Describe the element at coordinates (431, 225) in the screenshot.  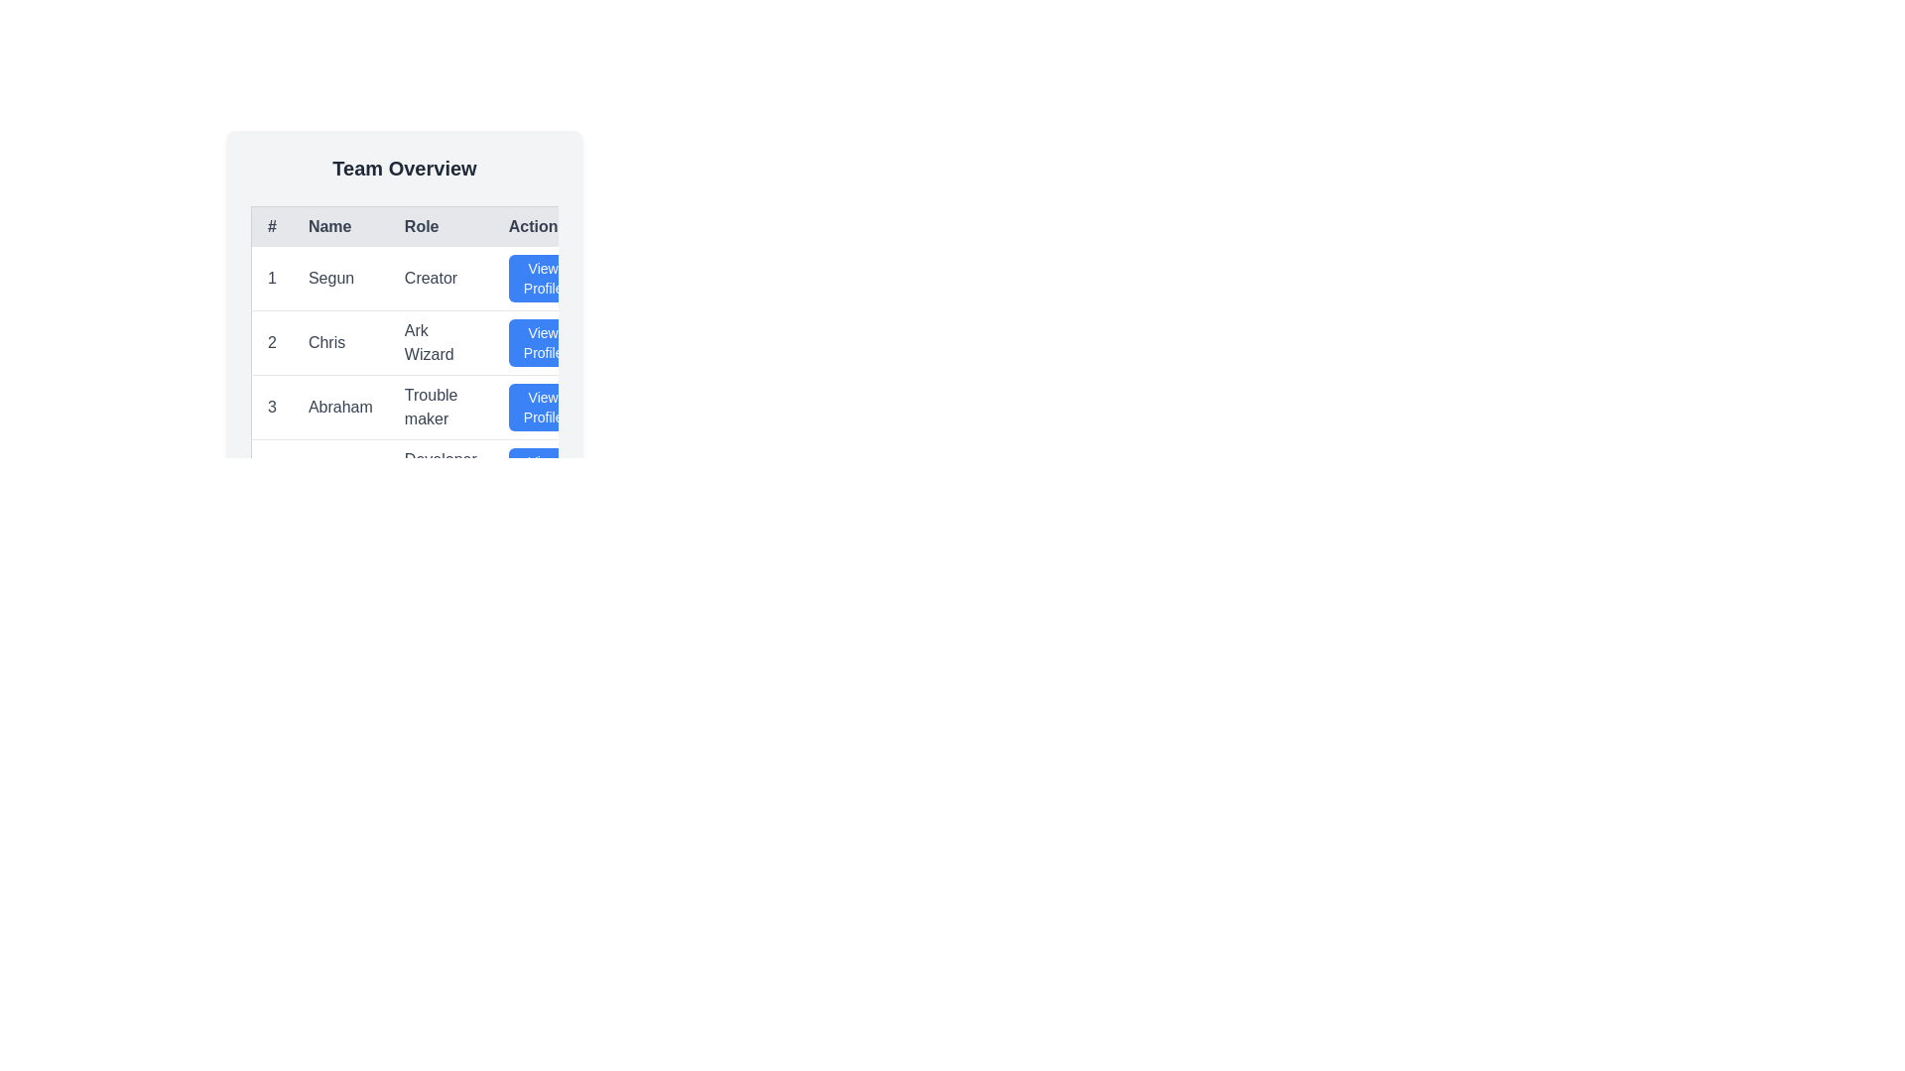
I see `the Table Header Row which labels the columns for the data entries below, positioned directly beneath the 'Team Overview' title` at that location.